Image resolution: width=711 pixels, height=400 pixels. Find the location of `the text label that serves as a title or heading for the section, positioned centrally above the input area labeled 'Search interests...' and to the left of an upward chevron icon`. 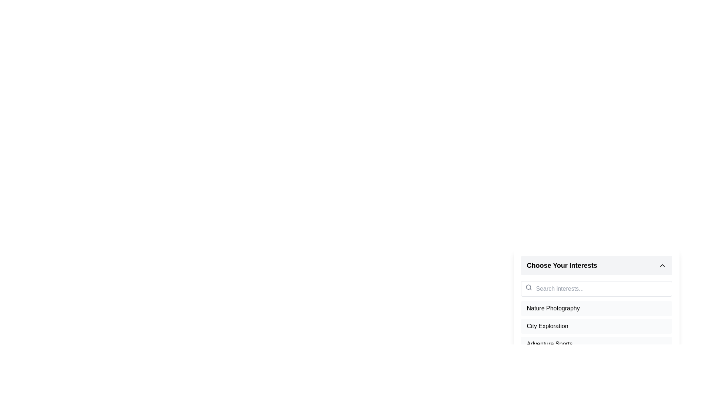

the text label that serves as a title or heading for the section, positioned centrally above the input area labeled 'Search interests...' and to the left of an upward chevron icon is located at coordinates (562, 265).